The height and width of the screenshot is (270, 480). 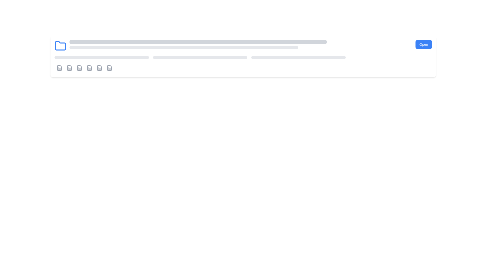 I want to click on the first document icon in the horizontal group of document icons, which visually represents a document or file, so click(x=59, y=68).